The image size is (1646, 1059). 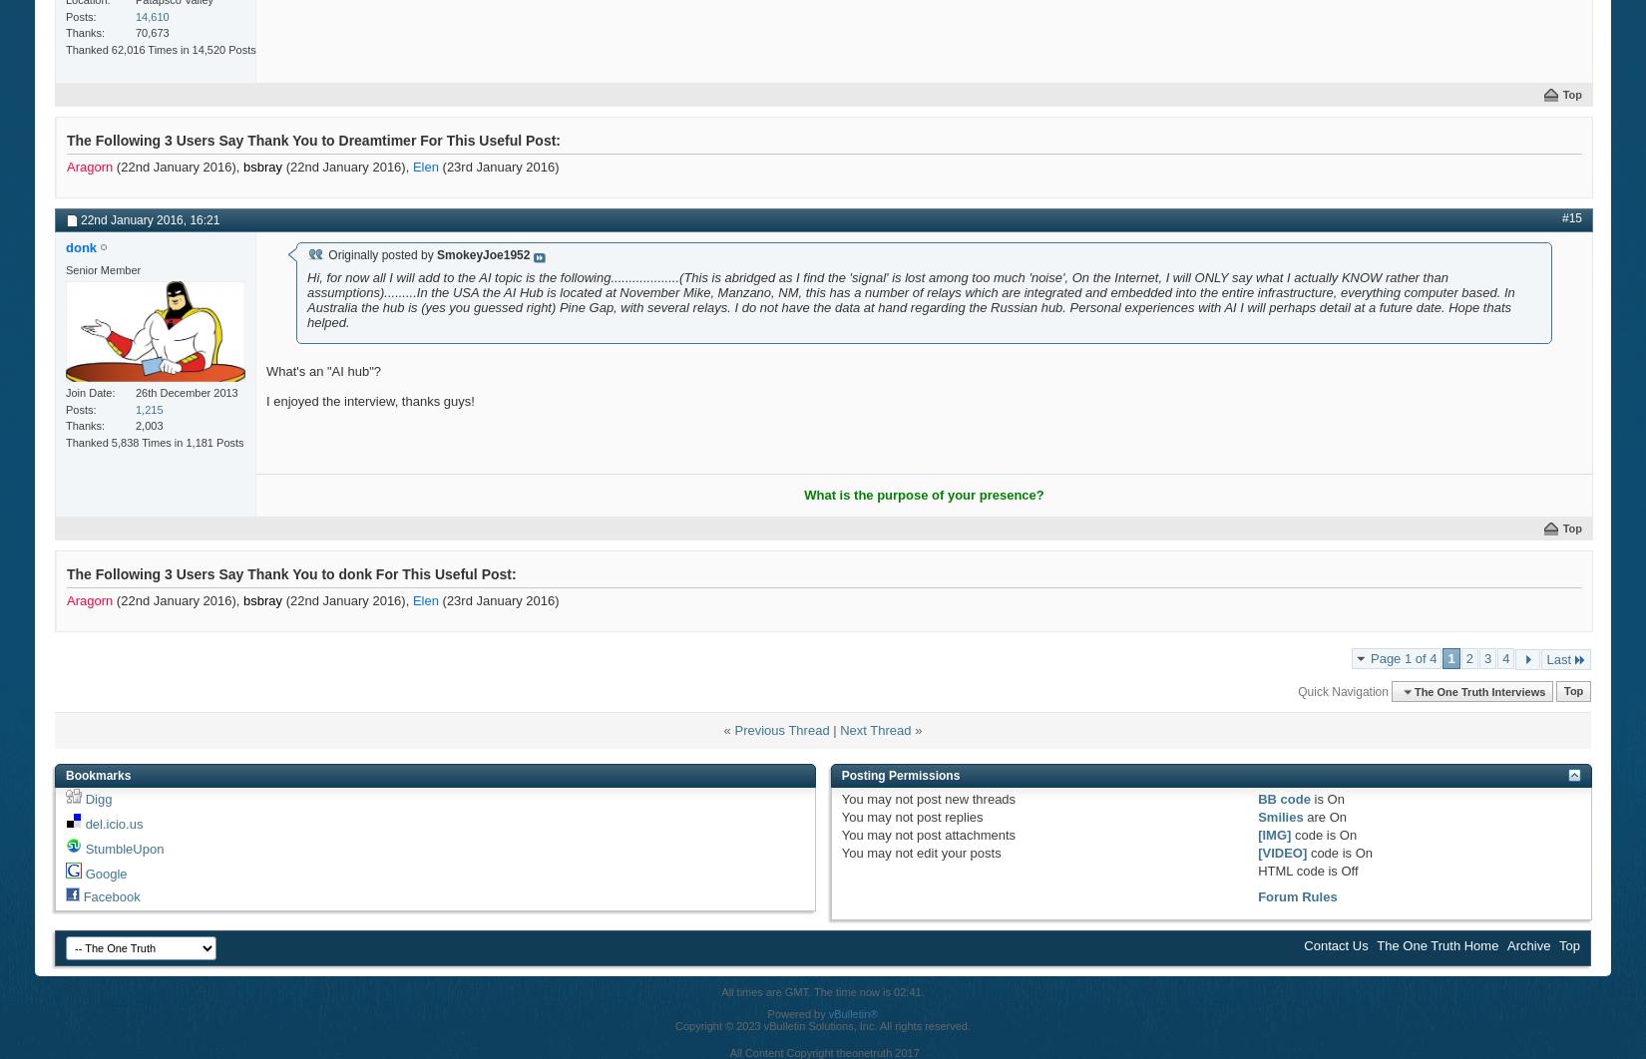 I want to click on 'post attachments', so click(x=964, y=834).